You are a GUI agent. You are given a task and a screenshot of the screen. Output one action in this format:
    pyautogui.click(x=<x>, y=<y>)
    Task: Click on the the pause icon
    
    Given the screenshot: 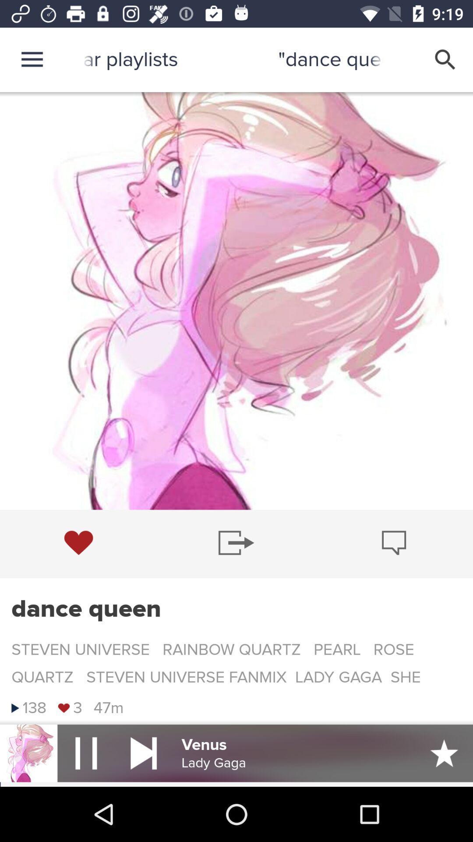 What is the action you would take?
    pyautogui.click(x=86, y=753)
    